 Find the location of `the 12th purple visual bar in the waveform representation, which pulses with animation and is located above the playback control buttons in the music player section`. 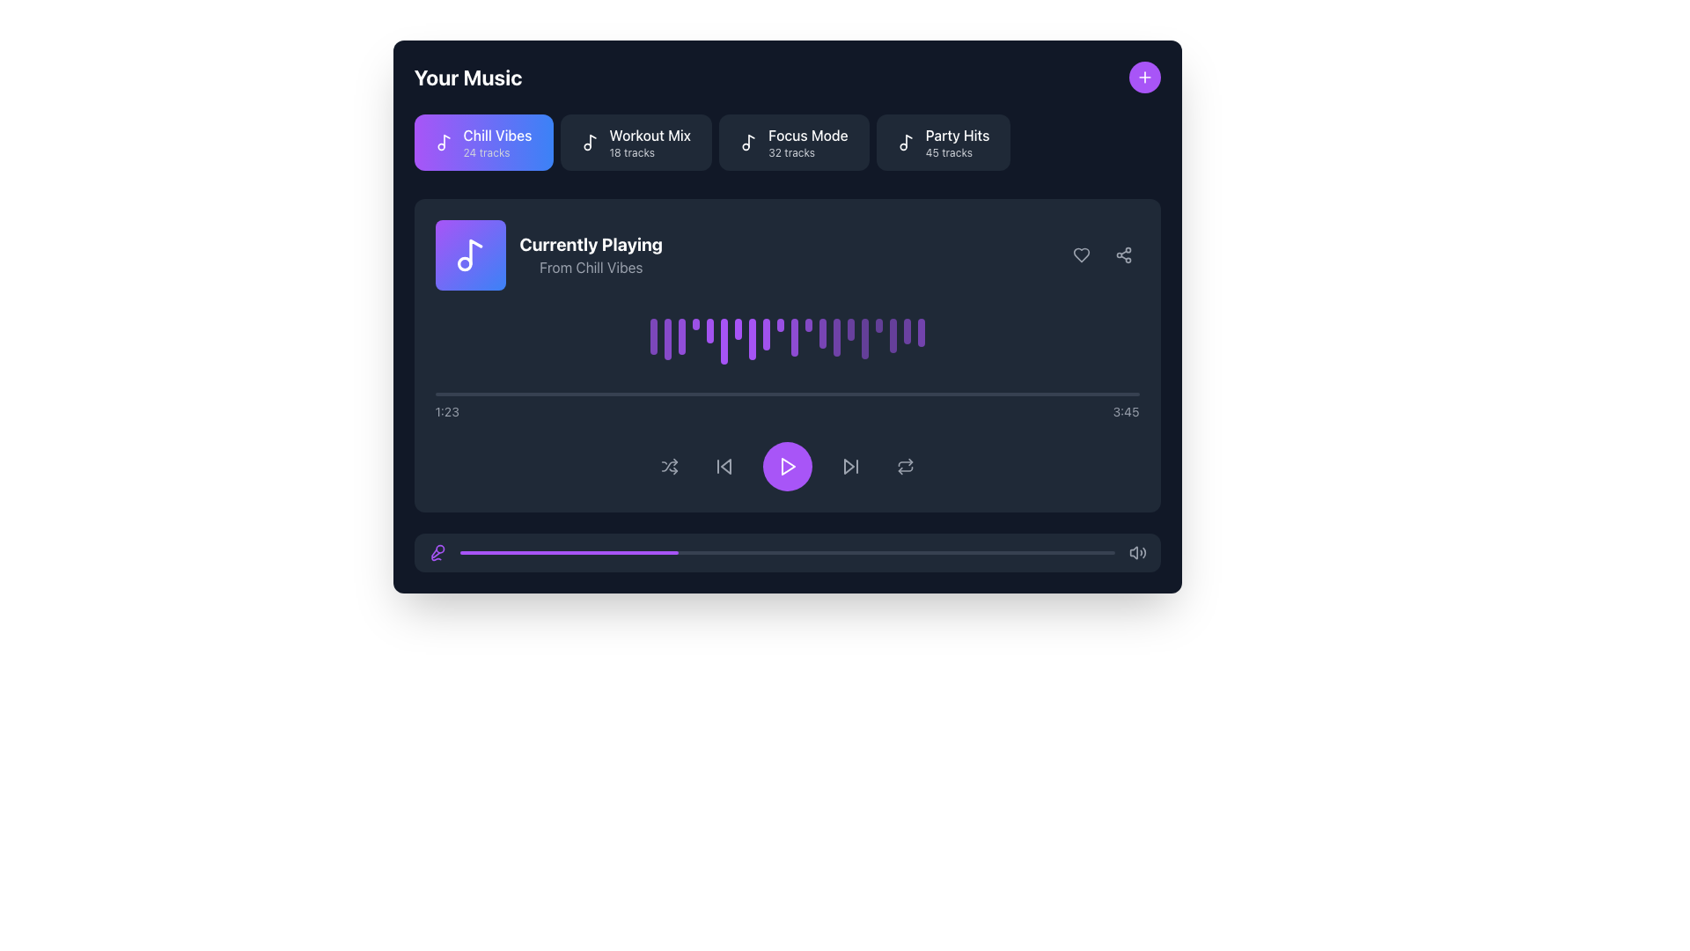

the 12th purple visual bar in the waveform representation, which pulses with animation and is located above the playback control buttons in the music player section is located at coordinates (807, 325).